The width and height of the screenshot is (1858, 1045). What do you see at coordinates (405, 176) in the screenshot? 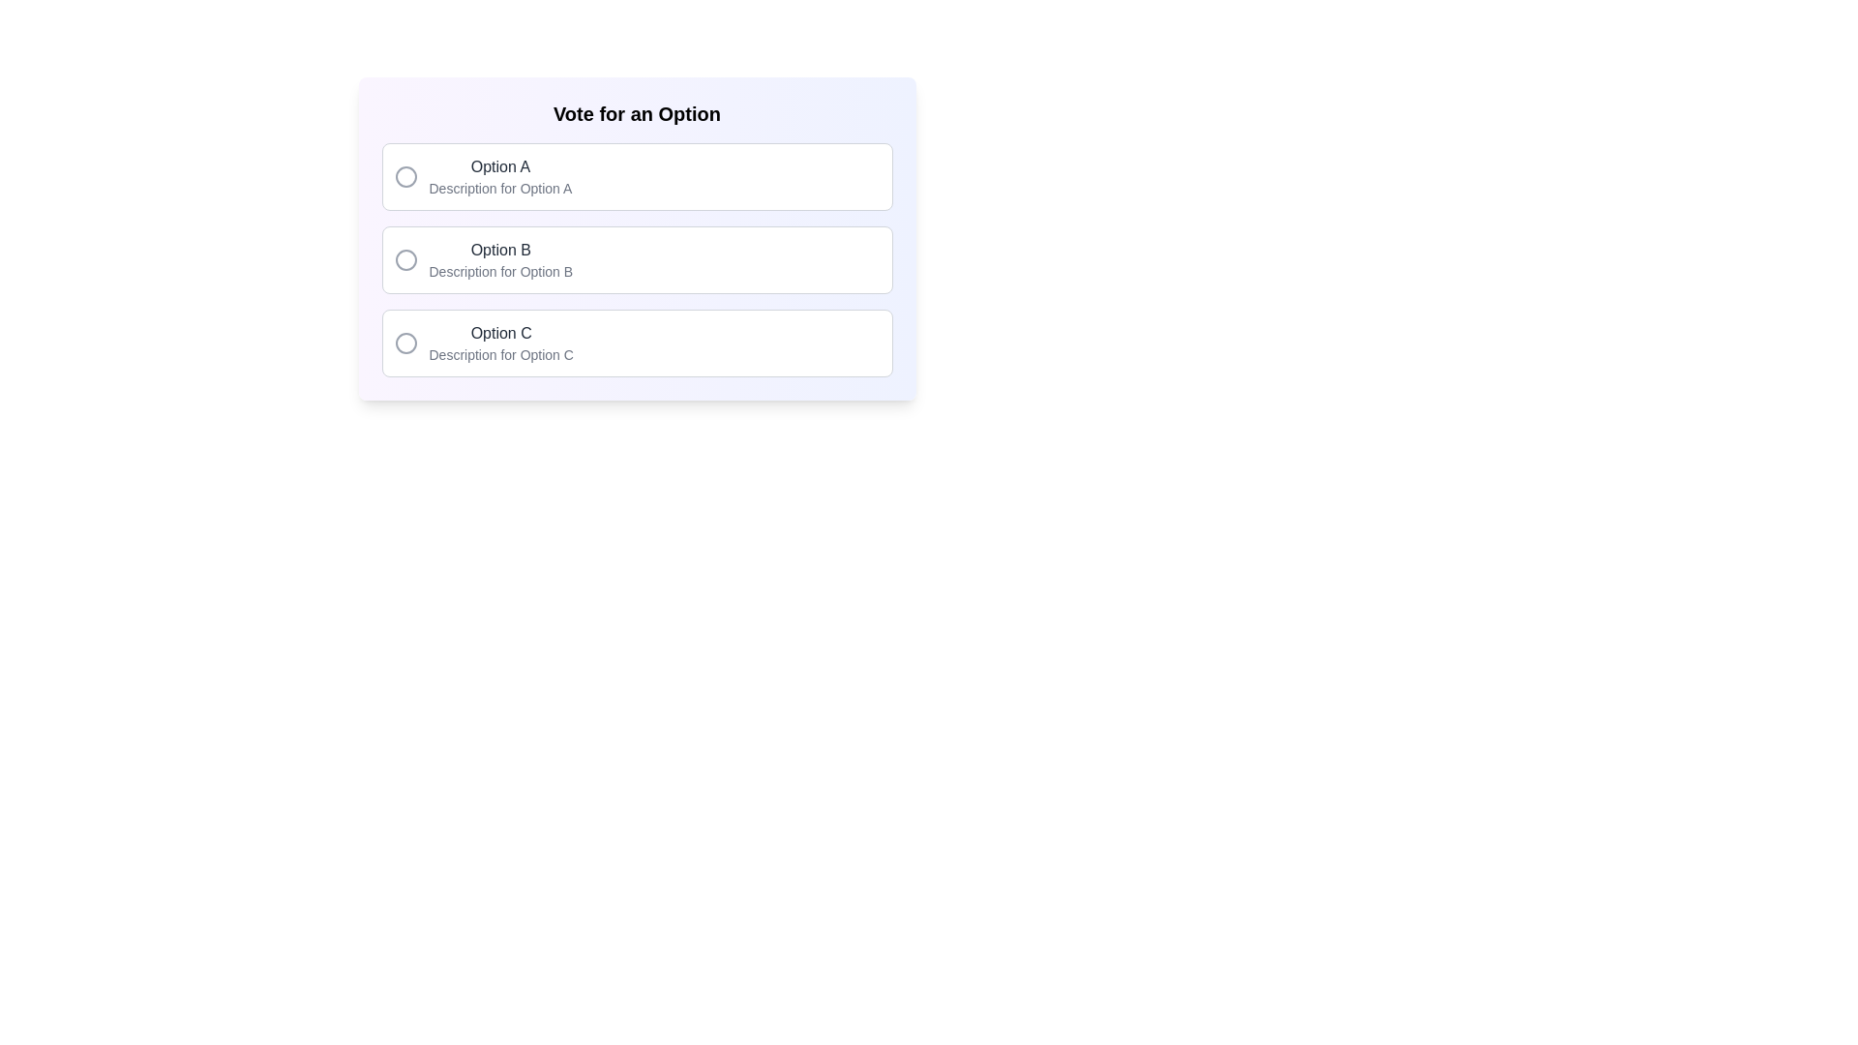
I see `the radio button icon for 'Option A', which is a circular graphic with a gray border` at bounding box center [405, 176].